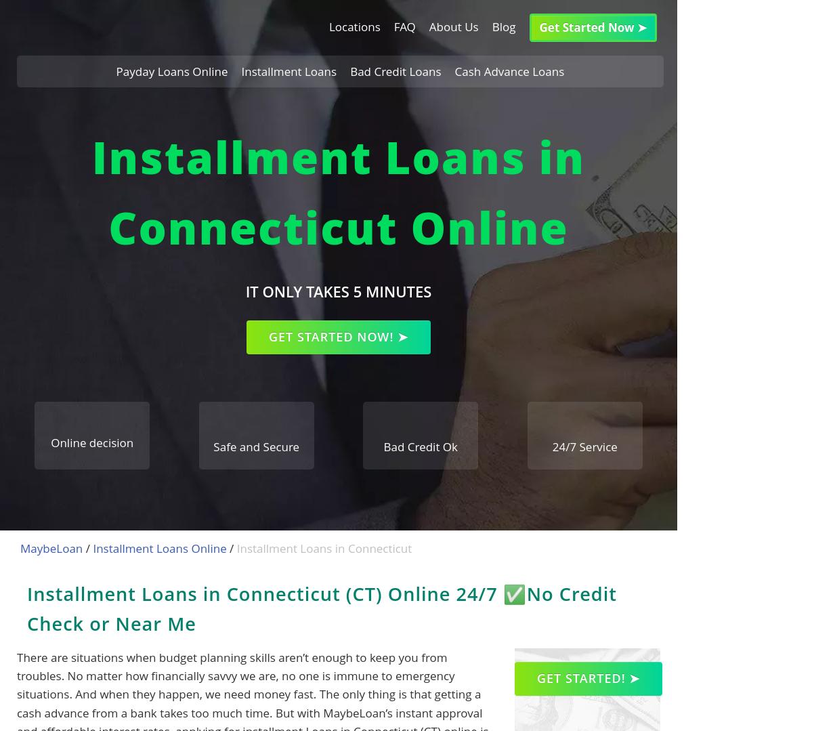 This screenshot has width=833, height=731. What do you see at coordinates (395, 71) in the screenshot?
I see `'Bad Credit Loans'` at bounding box center [395, 71].